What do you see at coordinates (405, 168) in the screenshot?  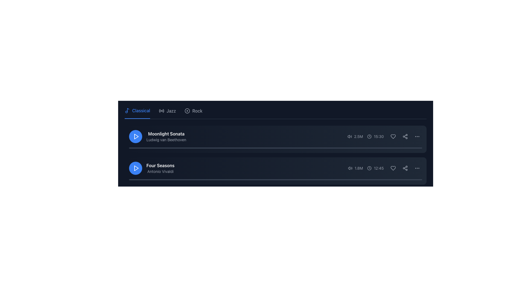 I see `the share icon button, which is the second icon in the last row of action buttons for the music track` at bounding box center [405, 168].